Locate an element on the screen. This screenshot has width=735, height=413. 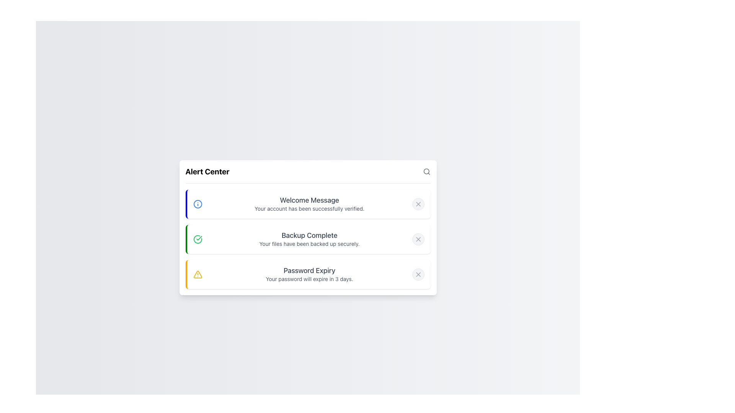
the Notification Card with the title 'Password Expiry', which is a rectangular card with a white background, containing an orange warning icon and a left orange border, located centrally in the Alert Center section is located at coordinates (308, 274).